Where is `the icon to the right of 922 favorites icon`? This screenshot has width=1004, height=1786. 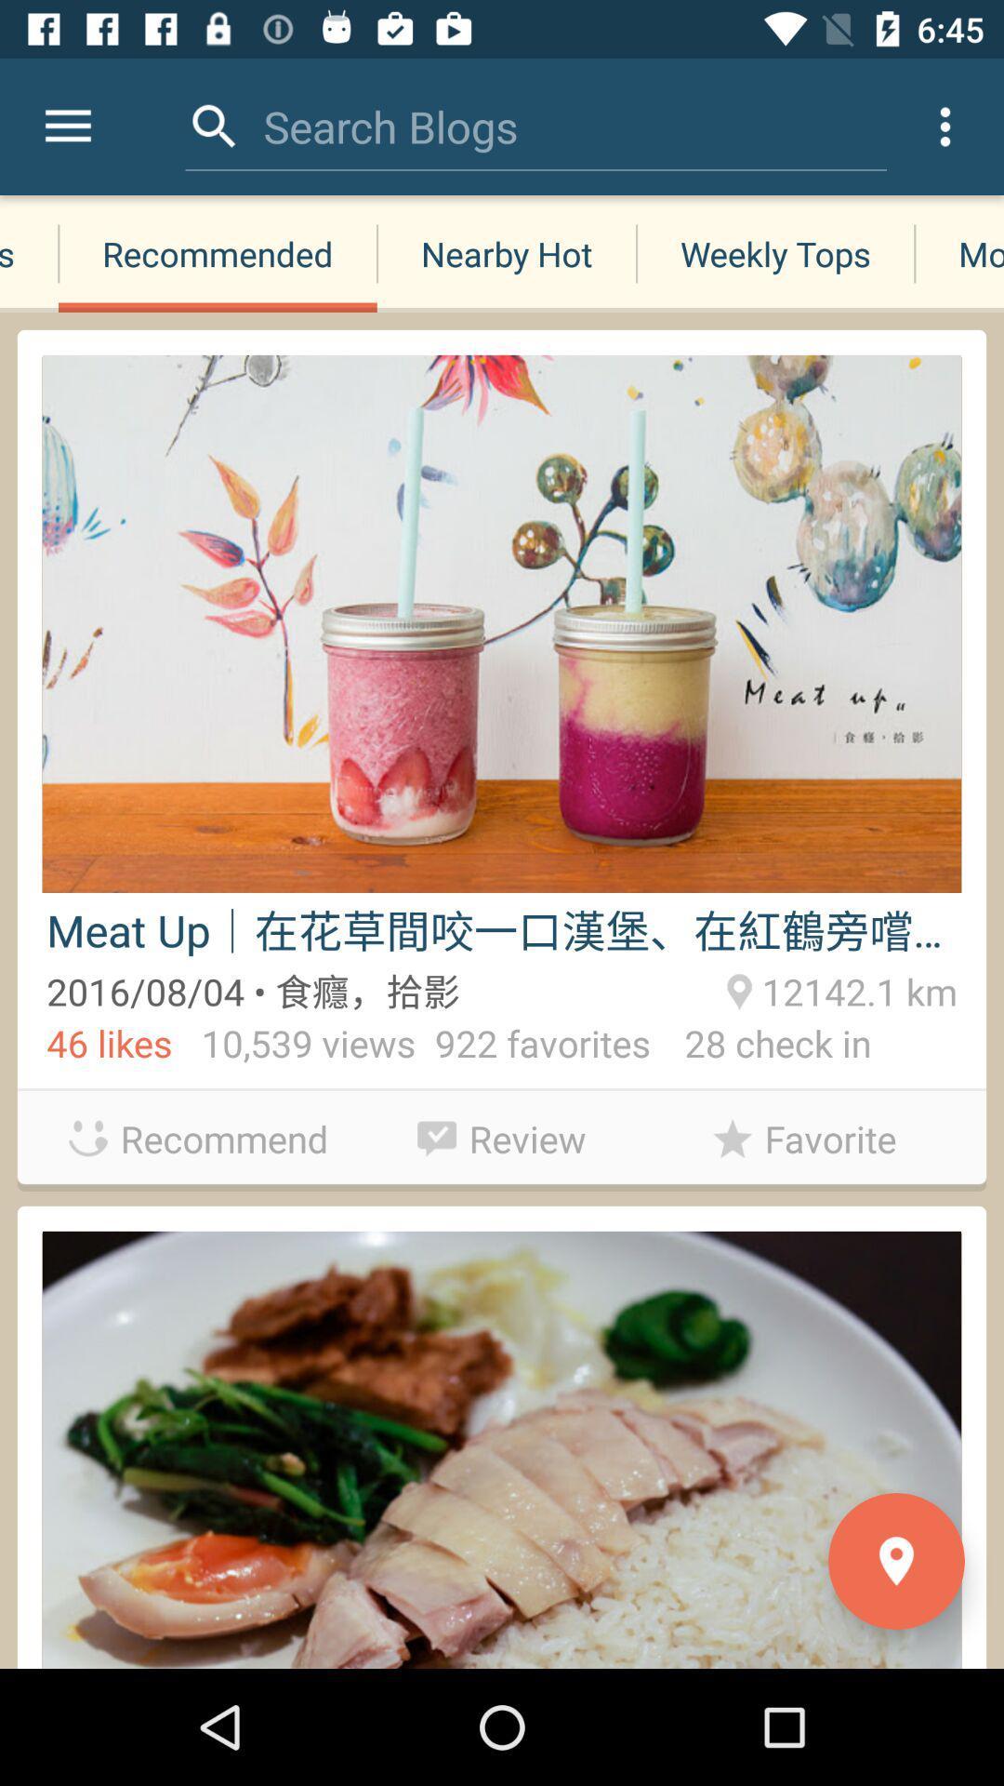 the icon to the right of 922 favorites icon is located at coordinates (760, 1047).